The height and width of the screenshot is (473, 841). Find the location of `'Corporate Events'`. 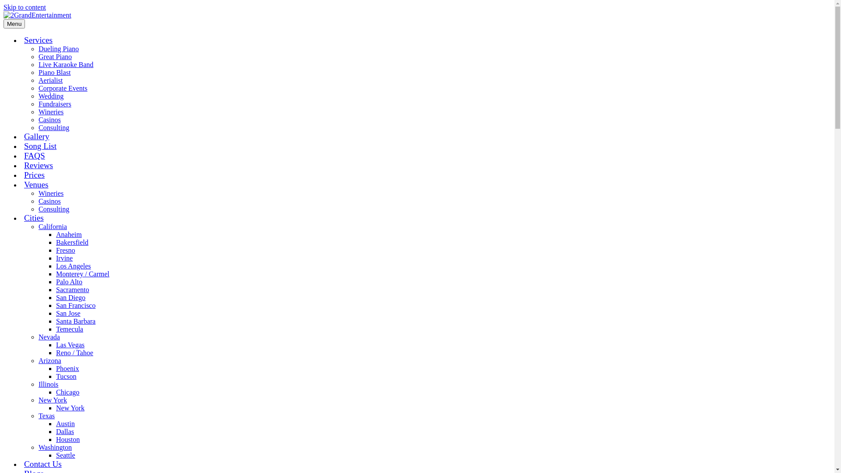

'Corporate Events' is located at coordinates (63, 88).